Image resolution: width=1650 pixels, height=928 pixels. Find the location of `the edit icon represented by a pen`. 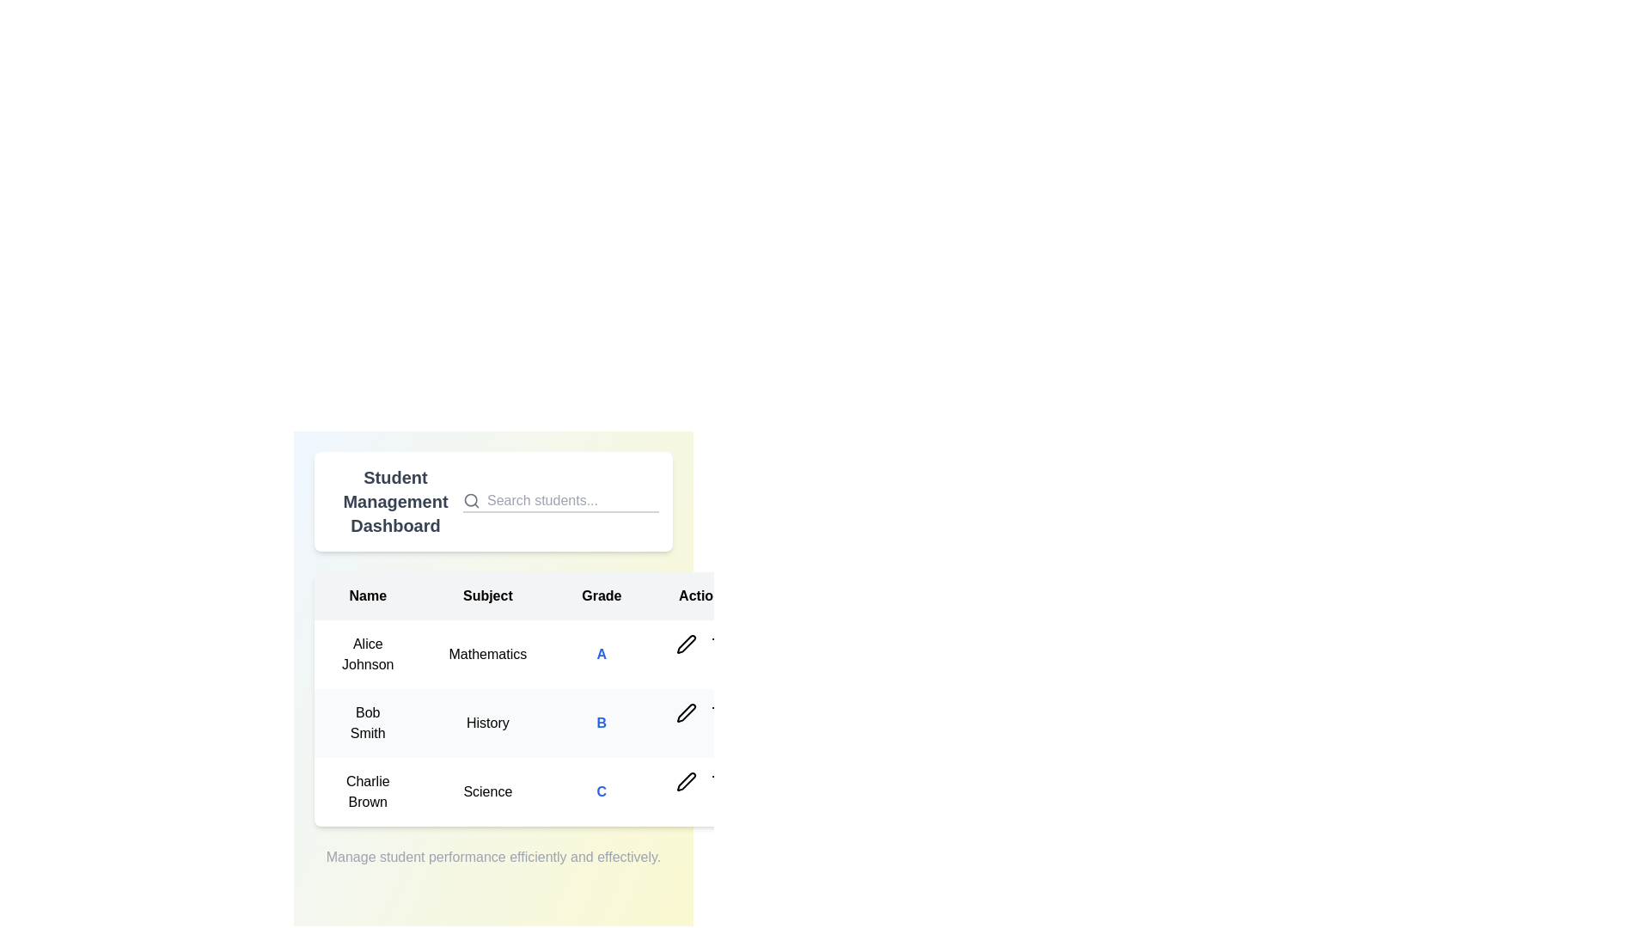

the edit icon represented by a pen is located at coordinates (686, 712).